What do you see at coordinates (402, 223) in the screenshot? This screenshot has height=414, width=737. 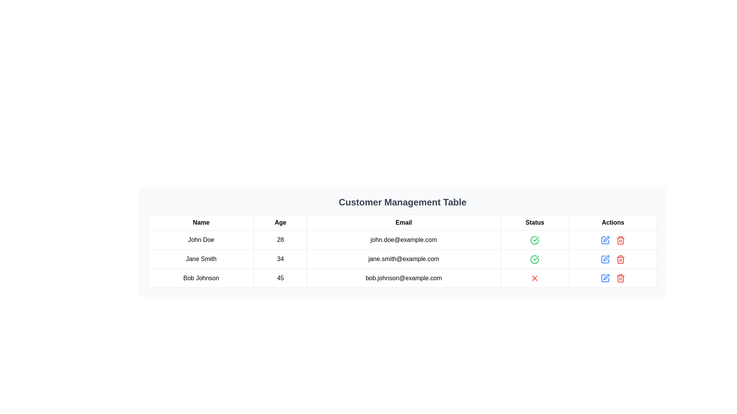 I see `the table header row containing the column headers 'Name', 'Age', 'Email', 'Status', and 'Actions'` at bounding box center [402, 223].